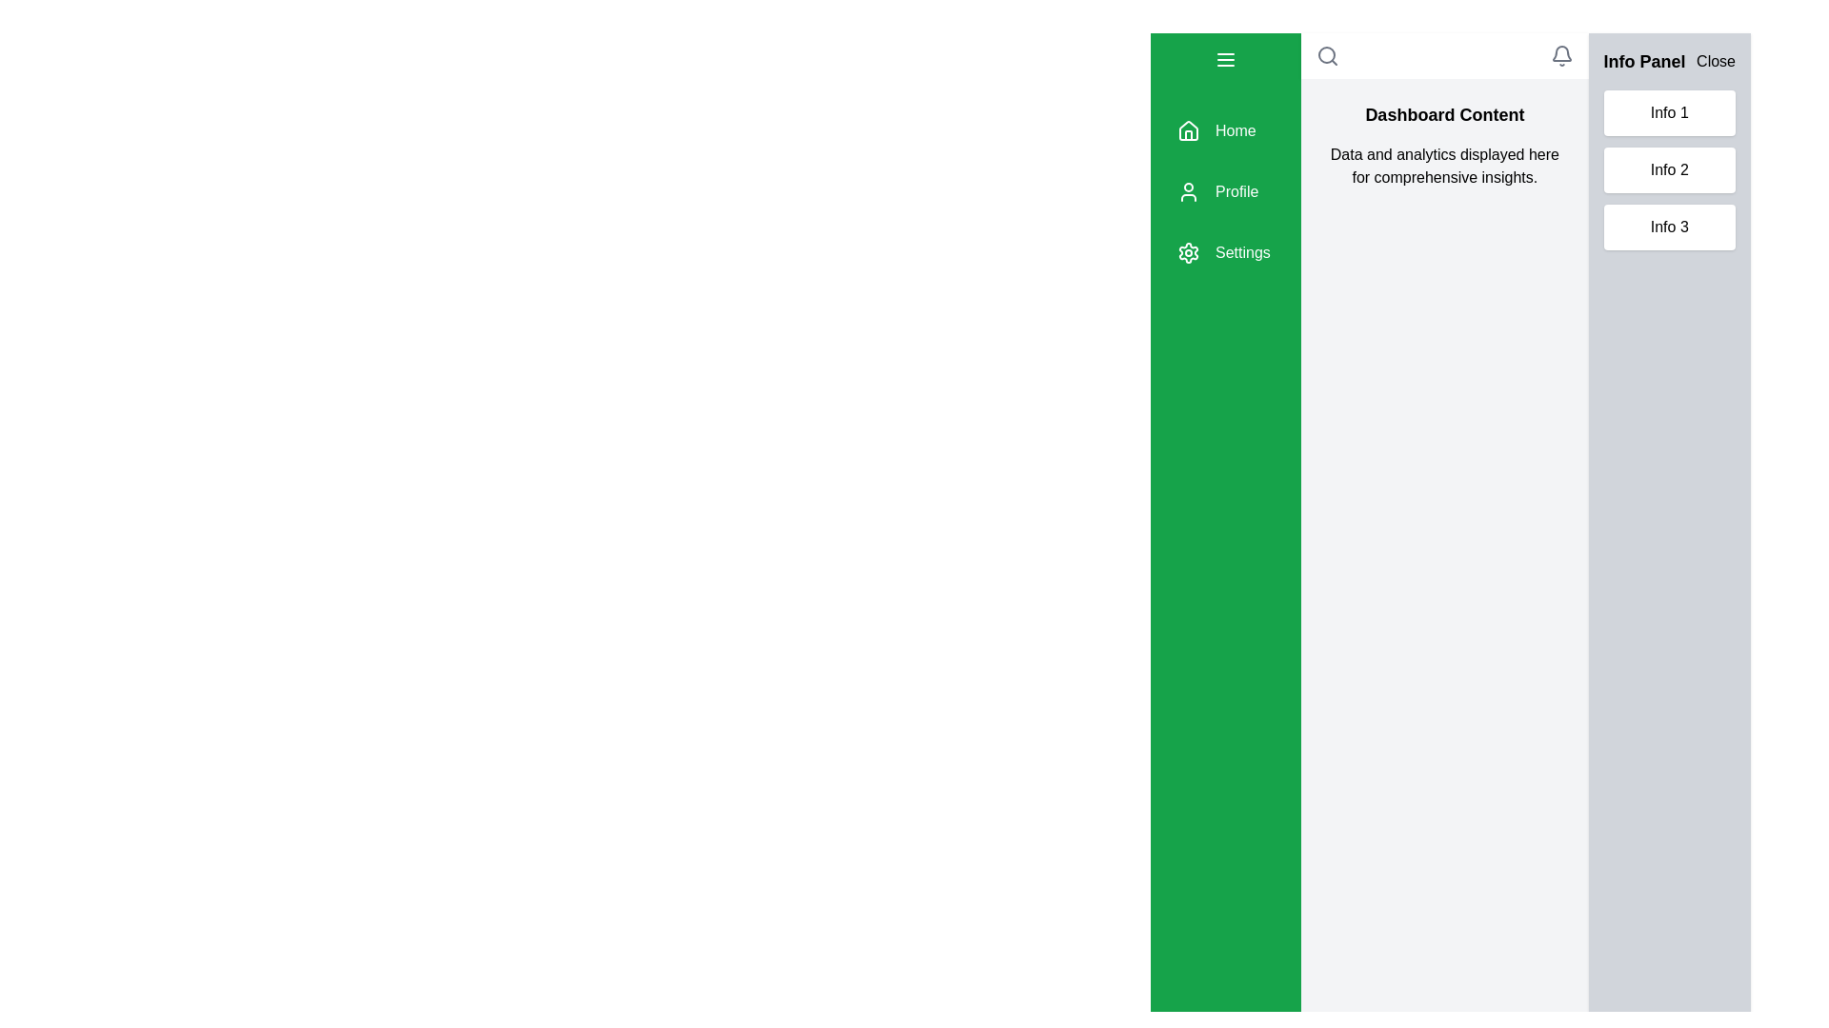 The height and width of the screenshot is (1028, 1829). What do you see at coordinates (1668, 168) in the screenshot?
I see `the 'Info 2' button located in the sidebar labeled 'Info Panel', which is the second button in a vertical stack of three similar buttons` at bounding box center [1668, 168].